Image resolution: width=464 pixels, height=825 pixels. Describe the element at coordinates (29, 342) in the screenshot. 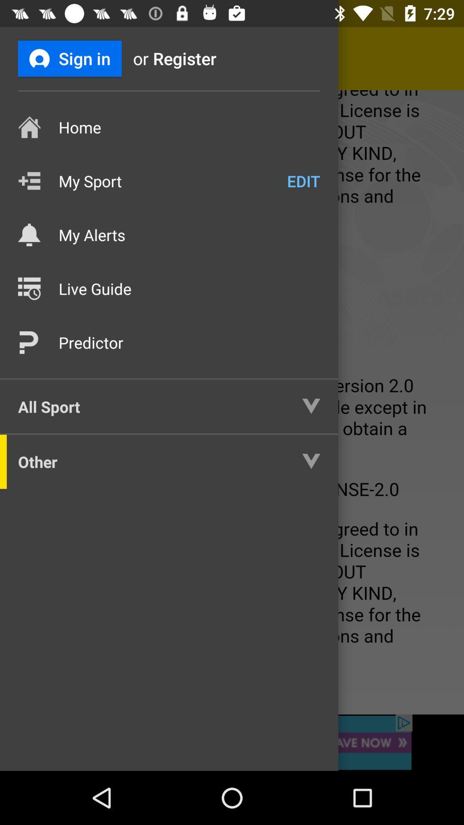

I see `the icon right next to predictor` at that location.